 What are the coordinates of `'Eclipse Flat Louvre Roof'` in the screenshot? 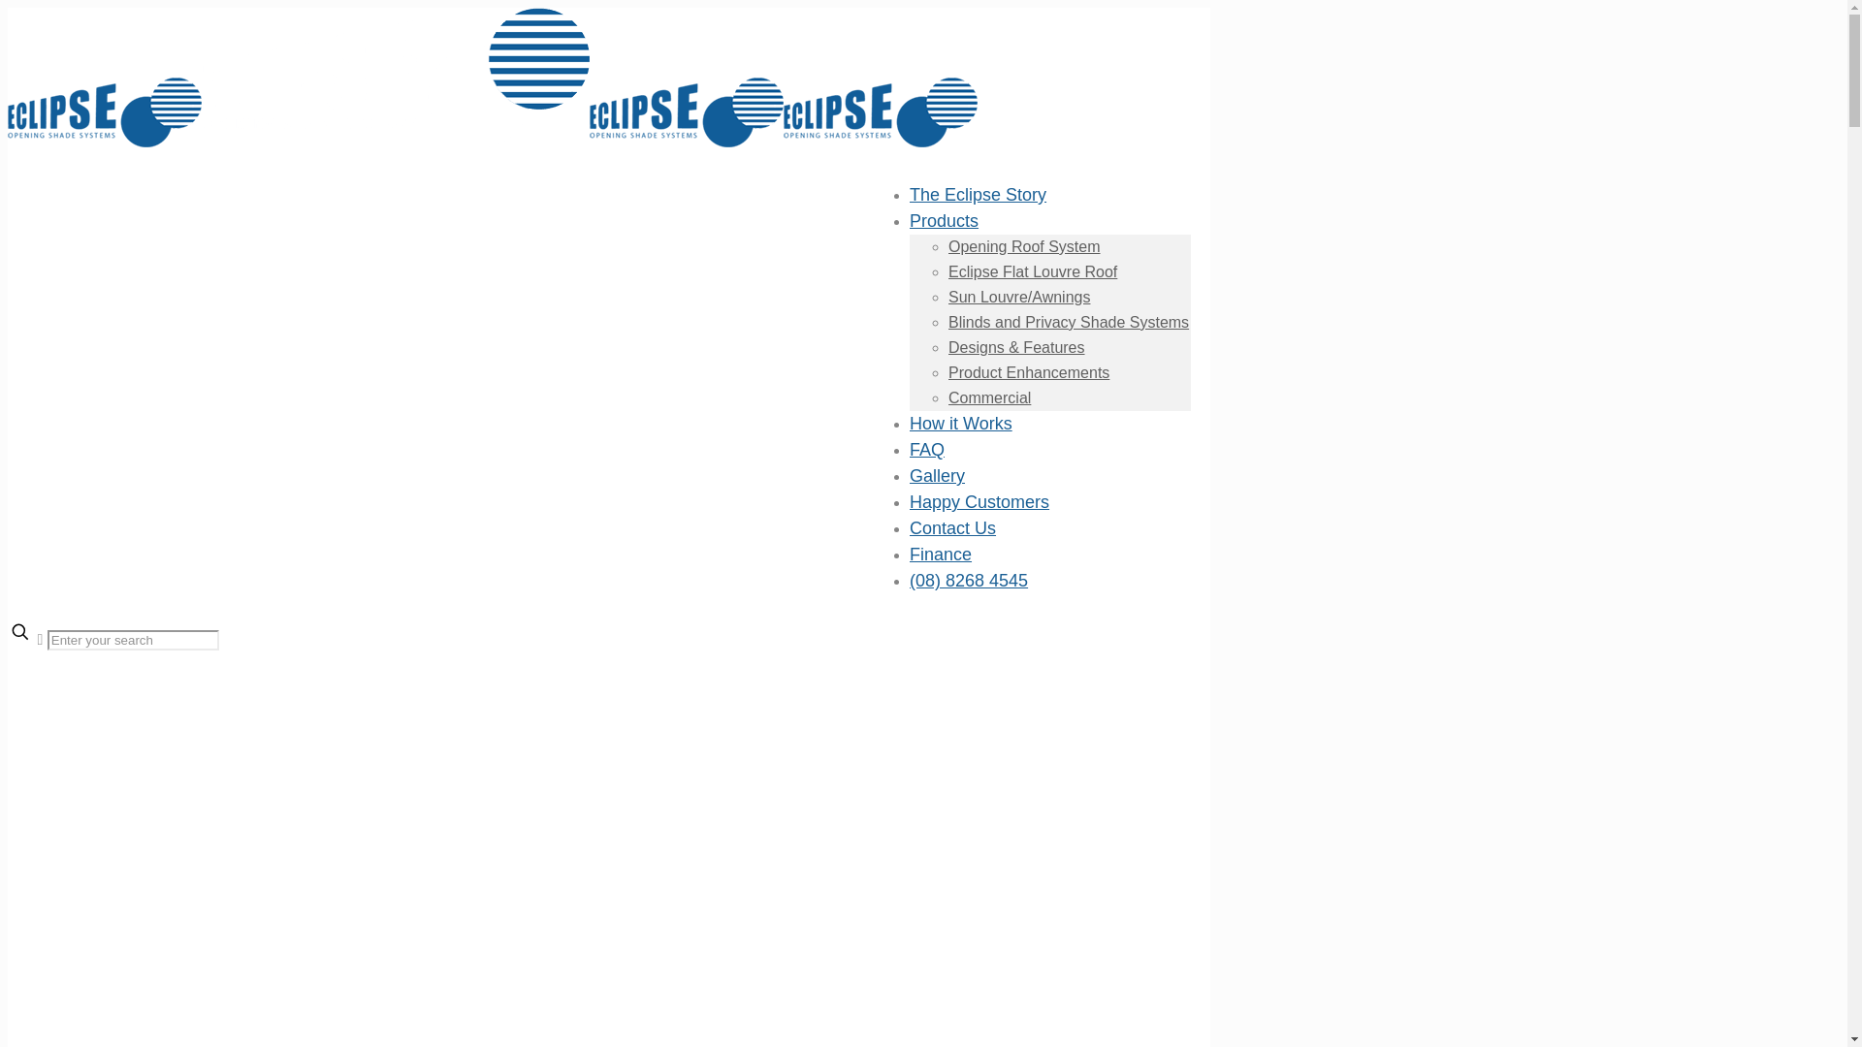 It's located at (1032, 271).